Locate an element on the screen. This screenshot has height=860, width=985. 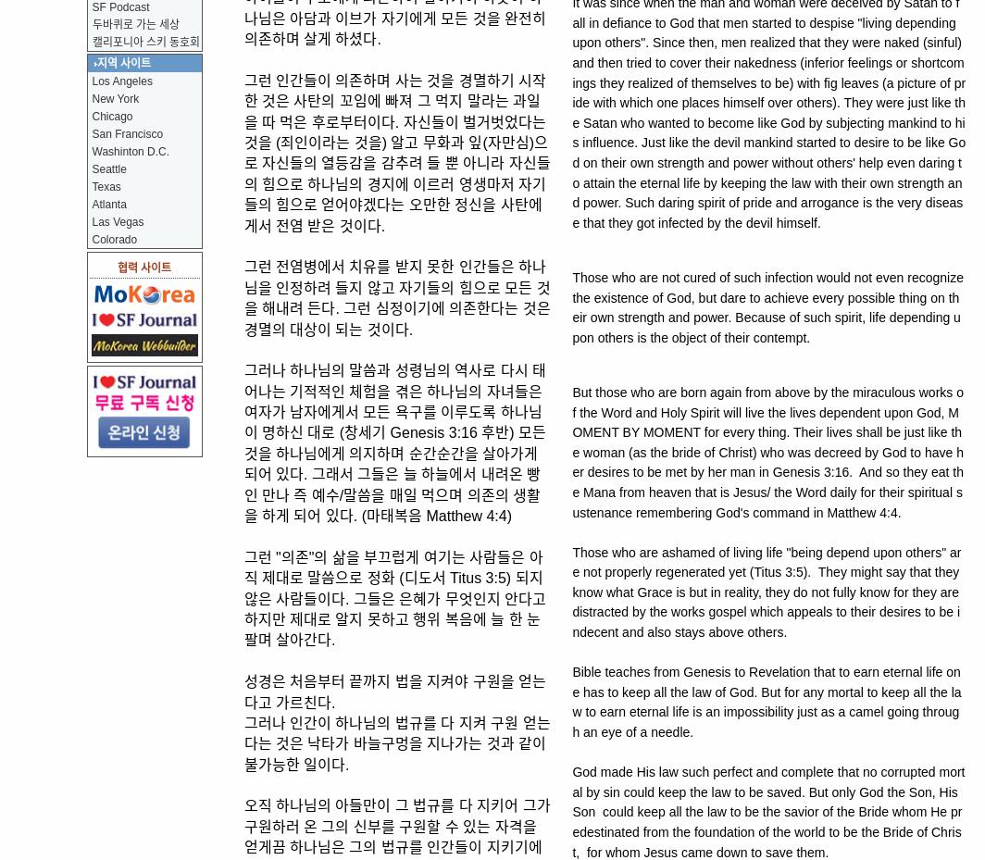
'Those who are not cured of such infection would not even recognize 		the existence of God, but dare to achieve every possible thing on their own 		strength and power. Because of such spirit, life depending upon others 		is the object of their contempt.' is located at coordinates (571, 306).